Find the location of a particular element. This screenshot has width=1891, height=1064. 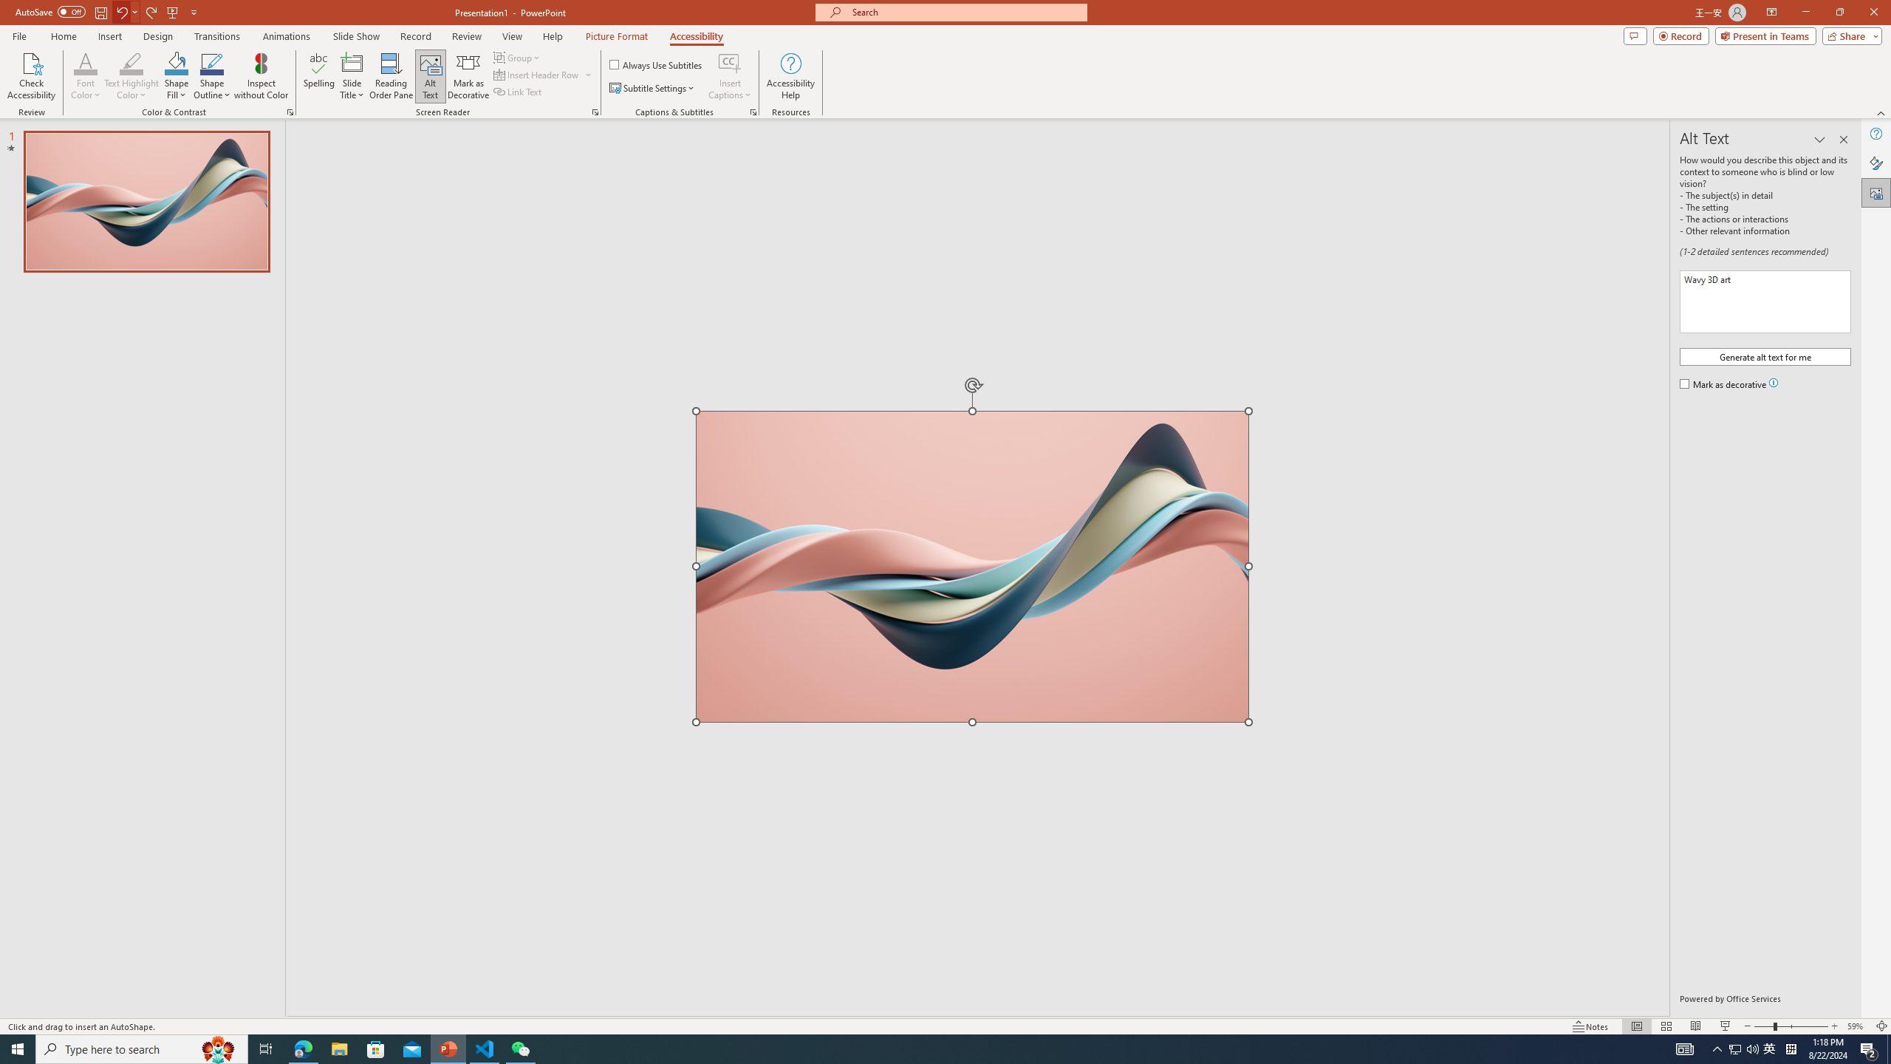

'Color & Contrast' is located at coordinates (289, 111).